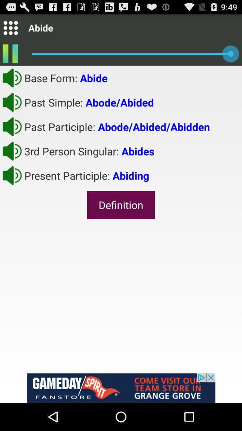 The image size is (242, 431). Describe the element at coordinates (12, 175) in the screenshot. I see `button` at that location.